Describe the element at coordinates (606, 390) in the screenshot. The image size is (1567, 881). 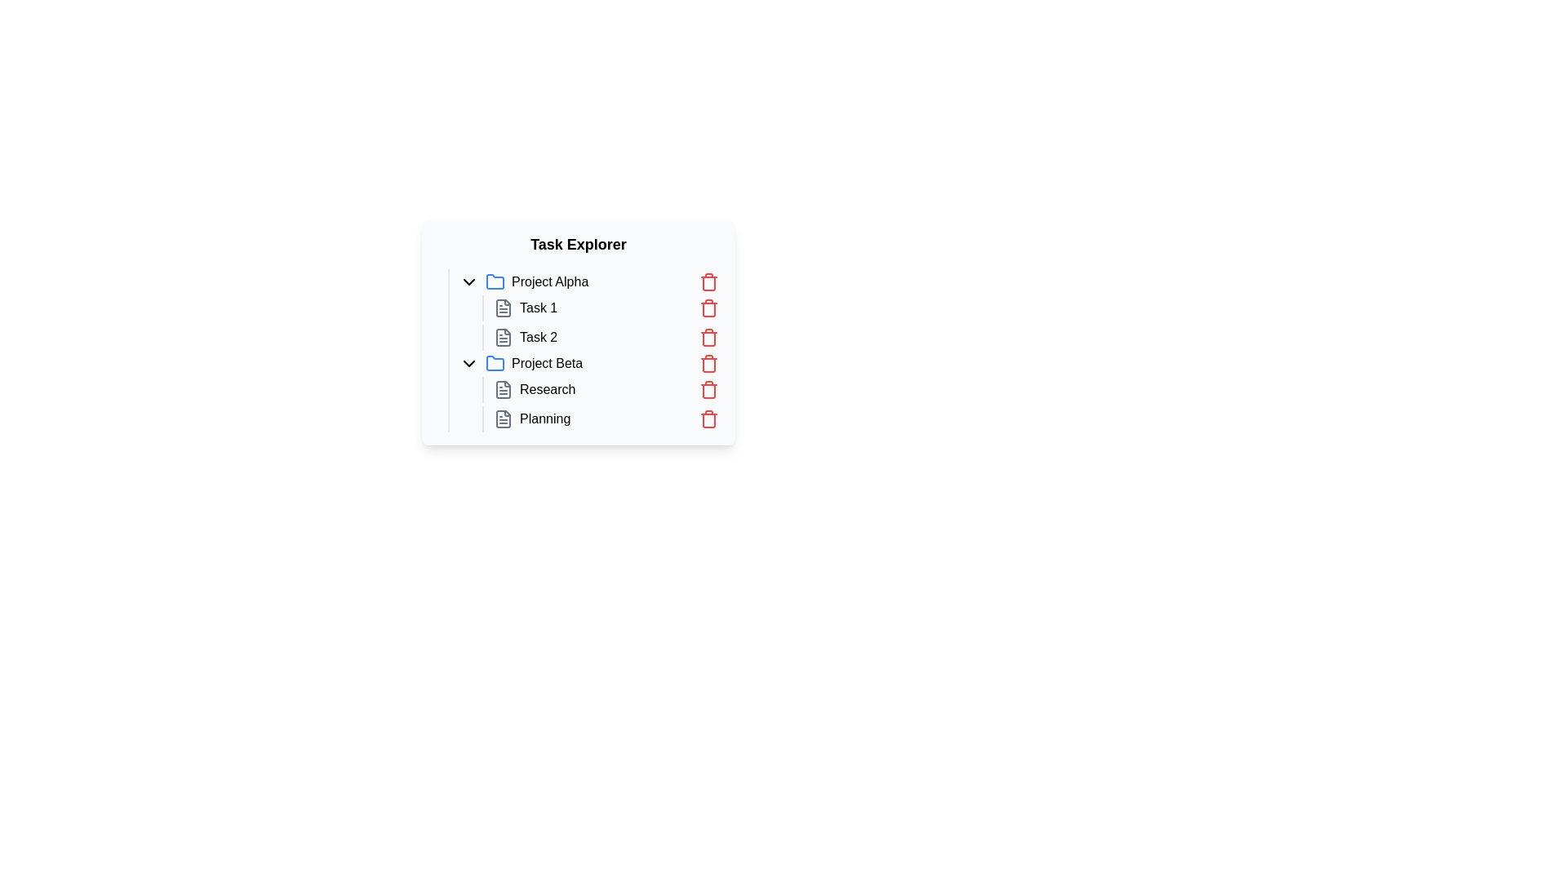
I see `the 'Research' list item in the task explorer interface` at that location.